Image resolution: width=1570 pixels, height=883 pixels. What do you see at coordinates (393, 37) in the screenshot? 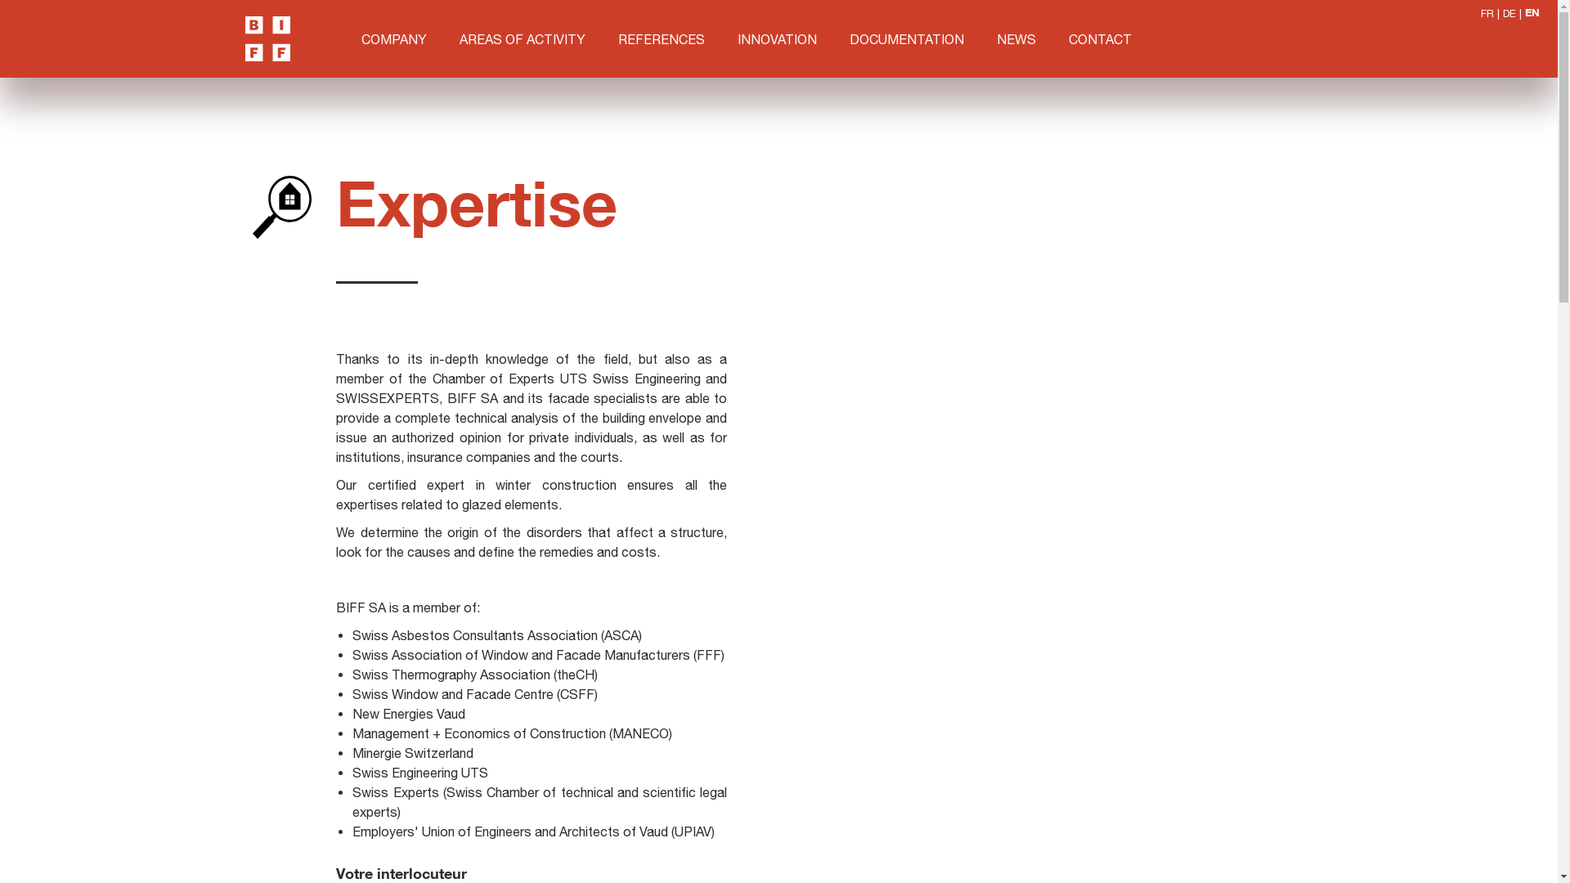
I see `'COMPANY'` at bounding box center [393, 37].